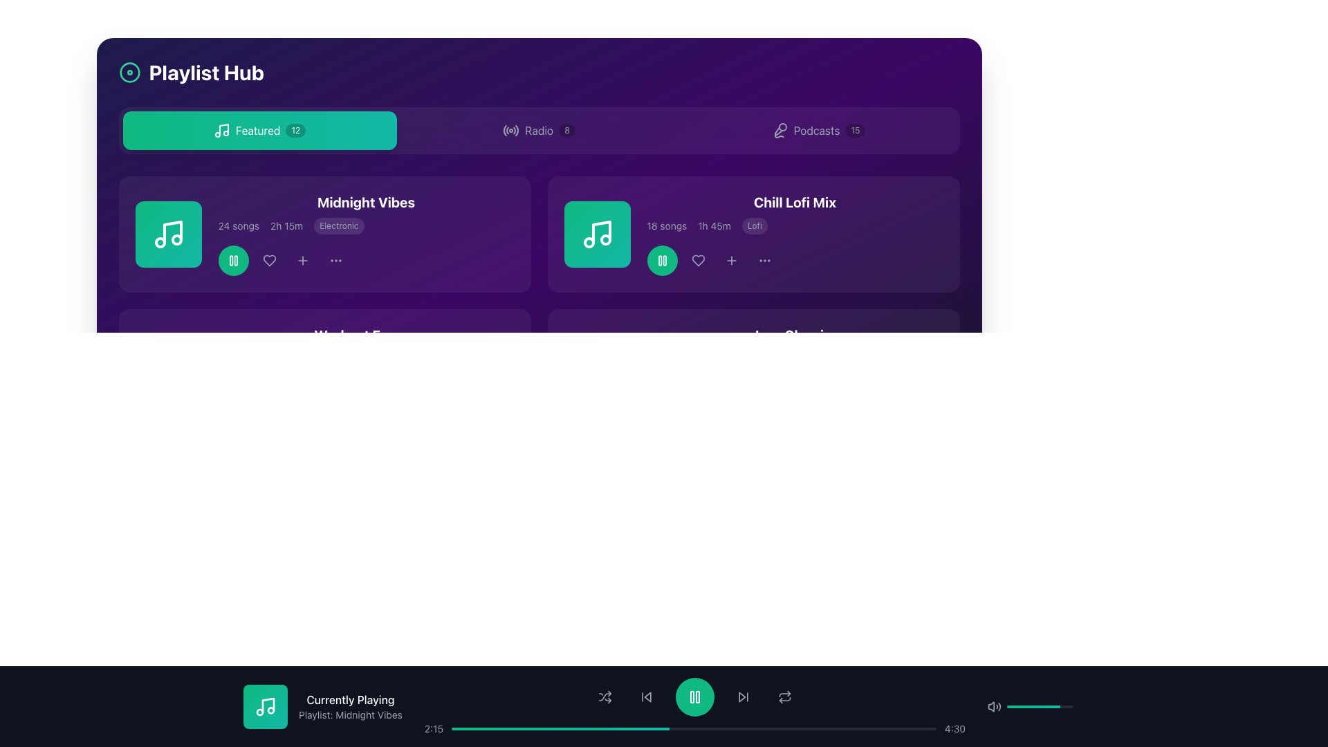 This screenshot has width=1328, height=747. I want to click on the circular icon resembling a radio transmission symbol located in the 'Radio' button in the top navigation bar, so click(510, 131).